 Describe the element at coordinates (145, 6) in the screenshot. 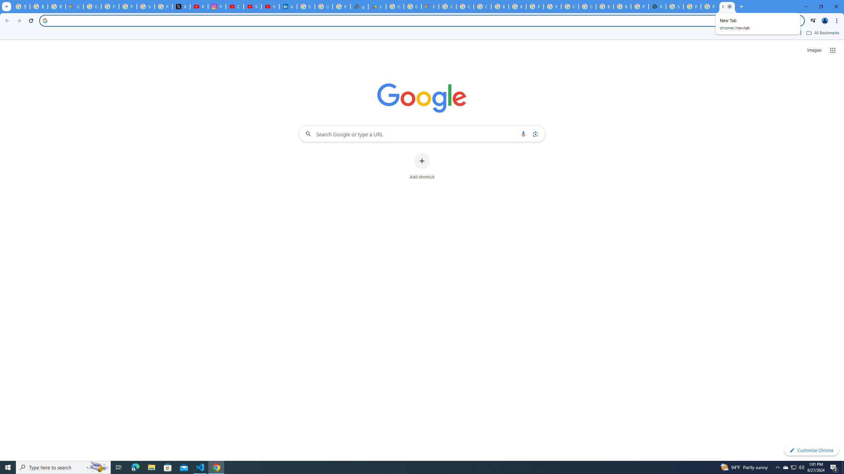

I see `'Sign in - Google Accounts'` at that location.